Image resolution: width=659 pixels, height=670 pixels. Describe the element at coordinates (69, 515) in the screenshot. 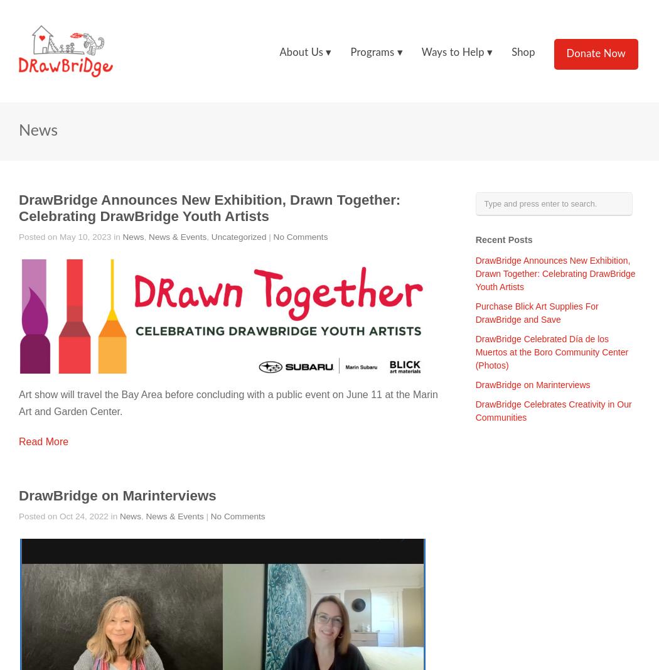

I see `'Posted 					
														on Oct 24, 2022							in'` at that location.